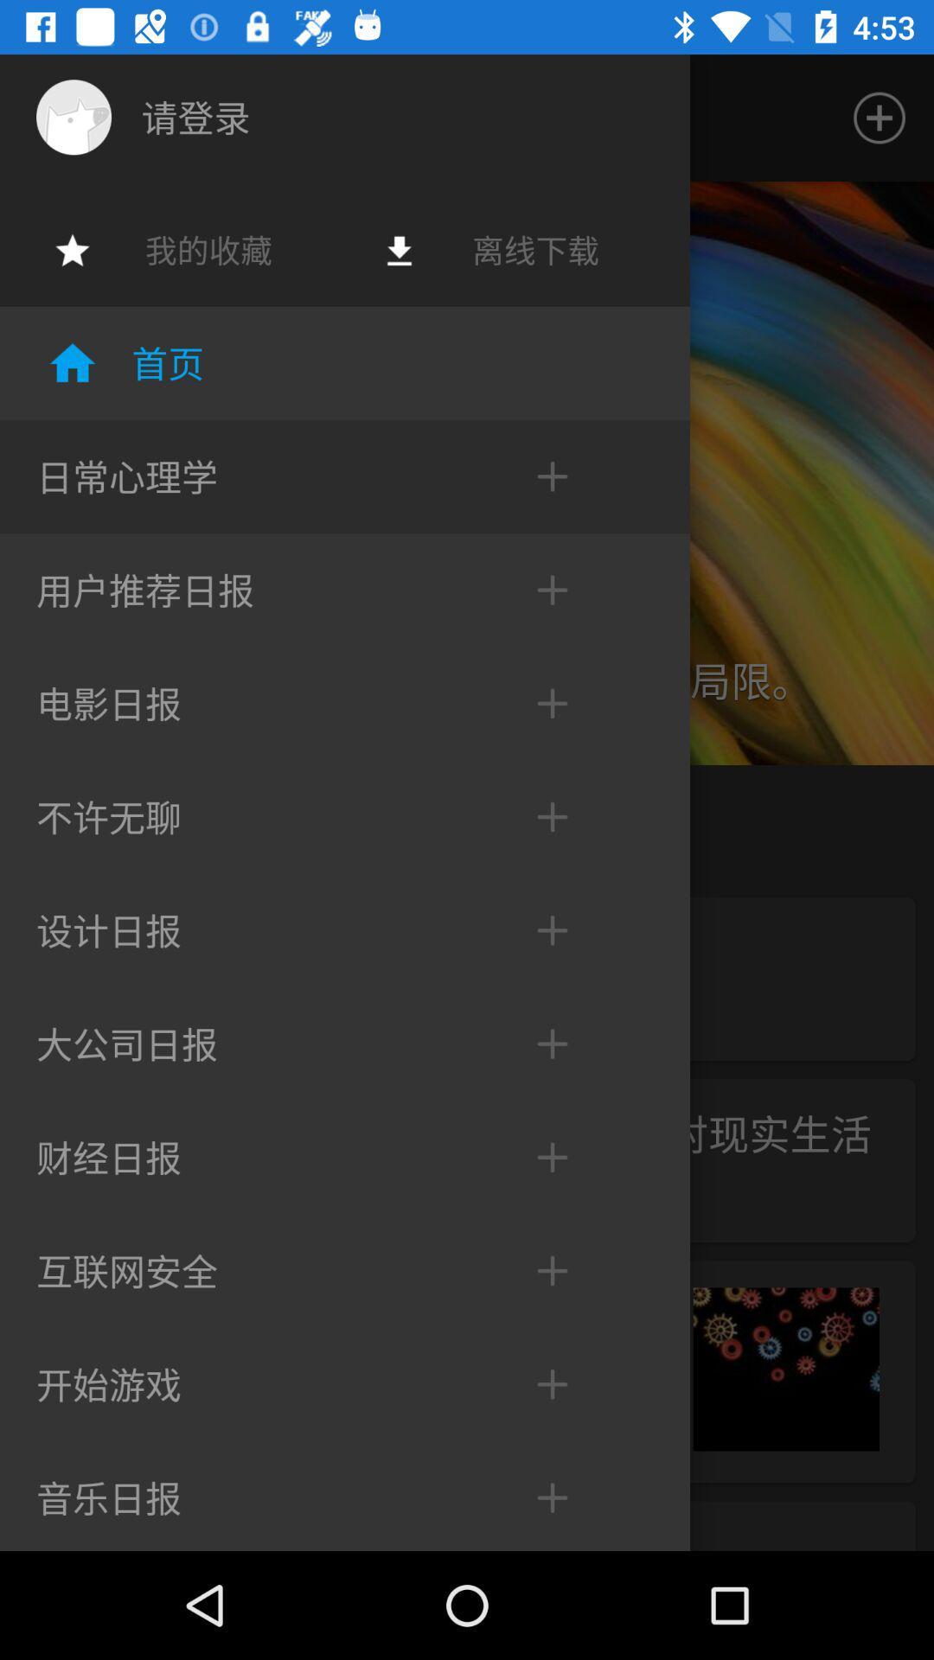 Image resolution: width=934 pixels, height=1660 pixels. I want to click on the fifth plus icon from the bottom, so click(533, 1043).